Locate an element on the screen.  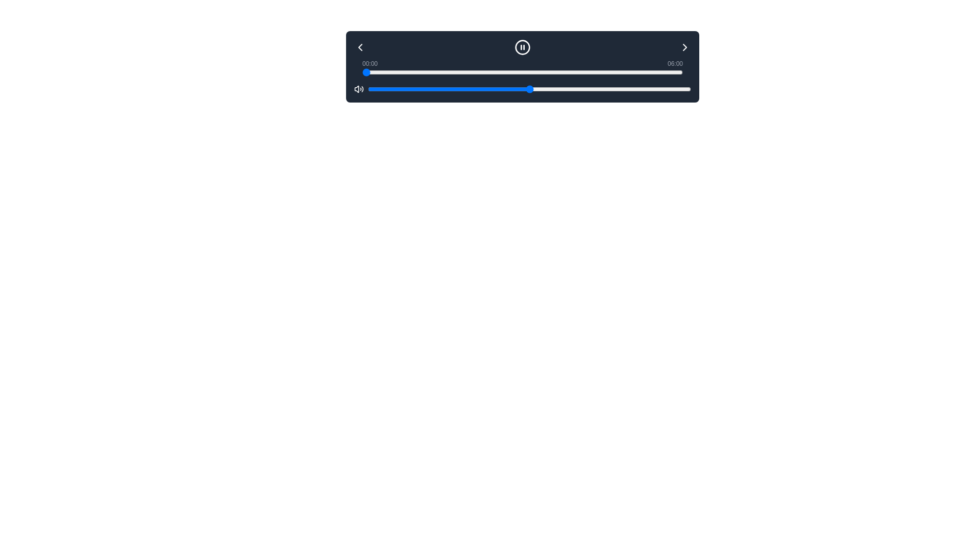
volume is located at coordinates (458, 88).